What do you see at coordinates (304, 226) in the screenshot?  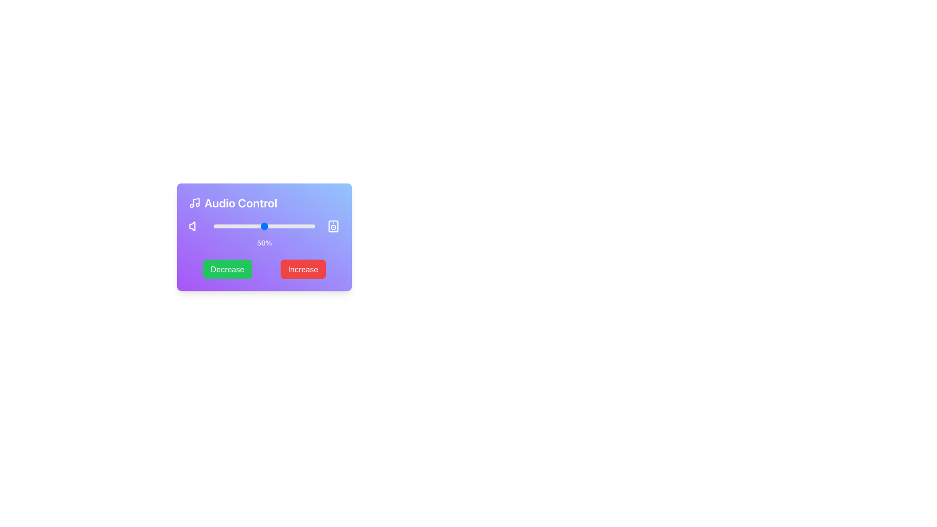 I see `volume` at bounding box center [304, 226].